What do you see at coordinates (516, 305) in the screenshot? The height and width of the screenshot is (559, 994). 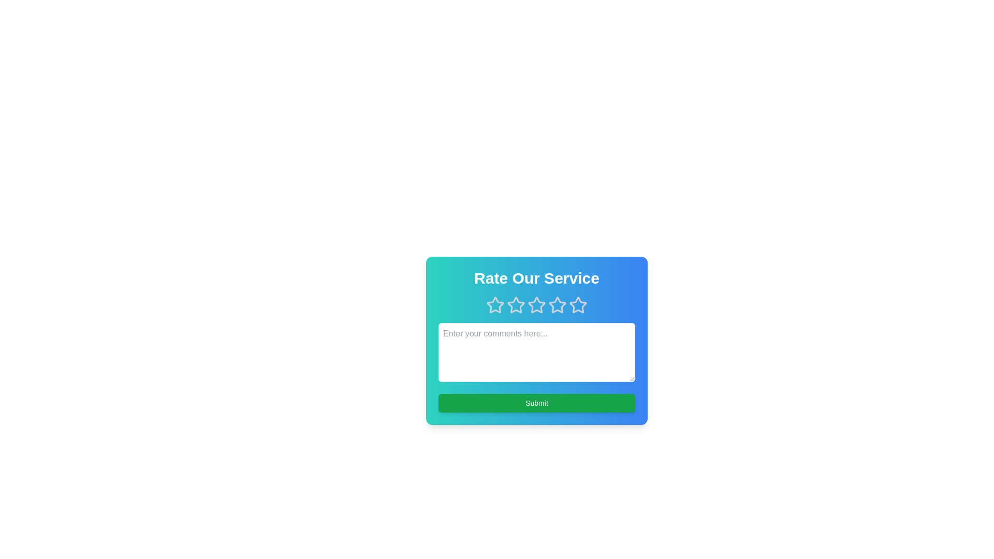 I see `the star corresponding to the desired rating value 2` at bounding box center [516, 305].